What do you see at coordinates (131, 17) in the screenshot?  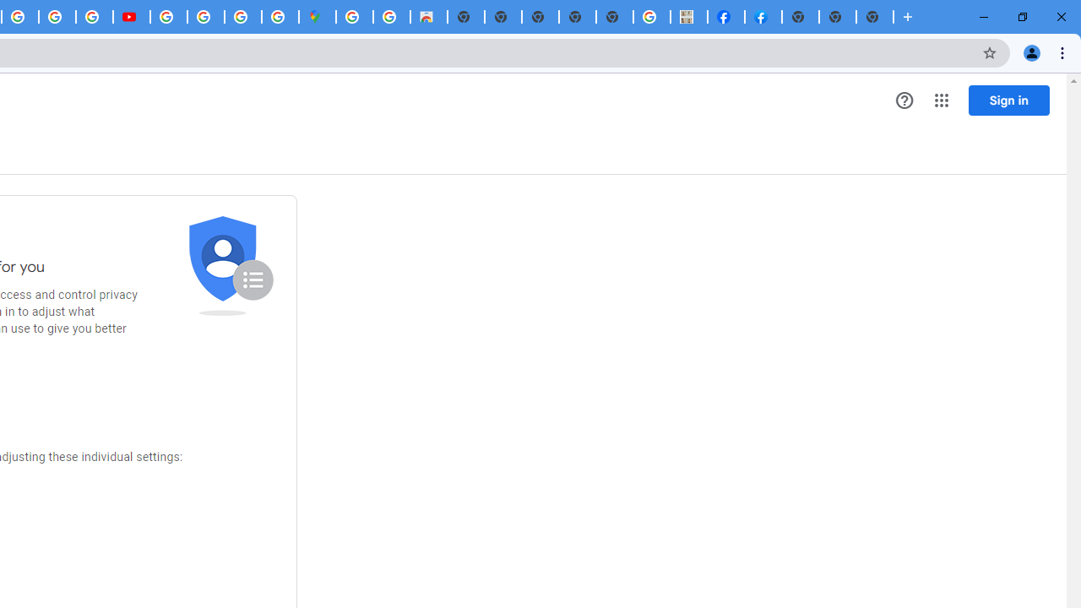 I see `'Subscriptions - YouTube'` at bounding box center [131, 17].